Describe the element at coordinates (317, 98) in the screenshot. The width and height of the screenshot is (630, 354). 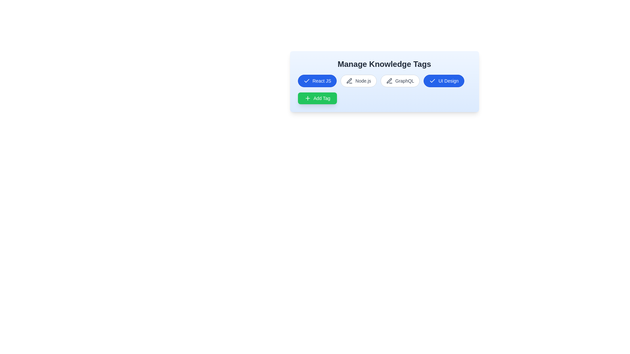
I see `the 'Add Tag' button to add a new tag` at that location.